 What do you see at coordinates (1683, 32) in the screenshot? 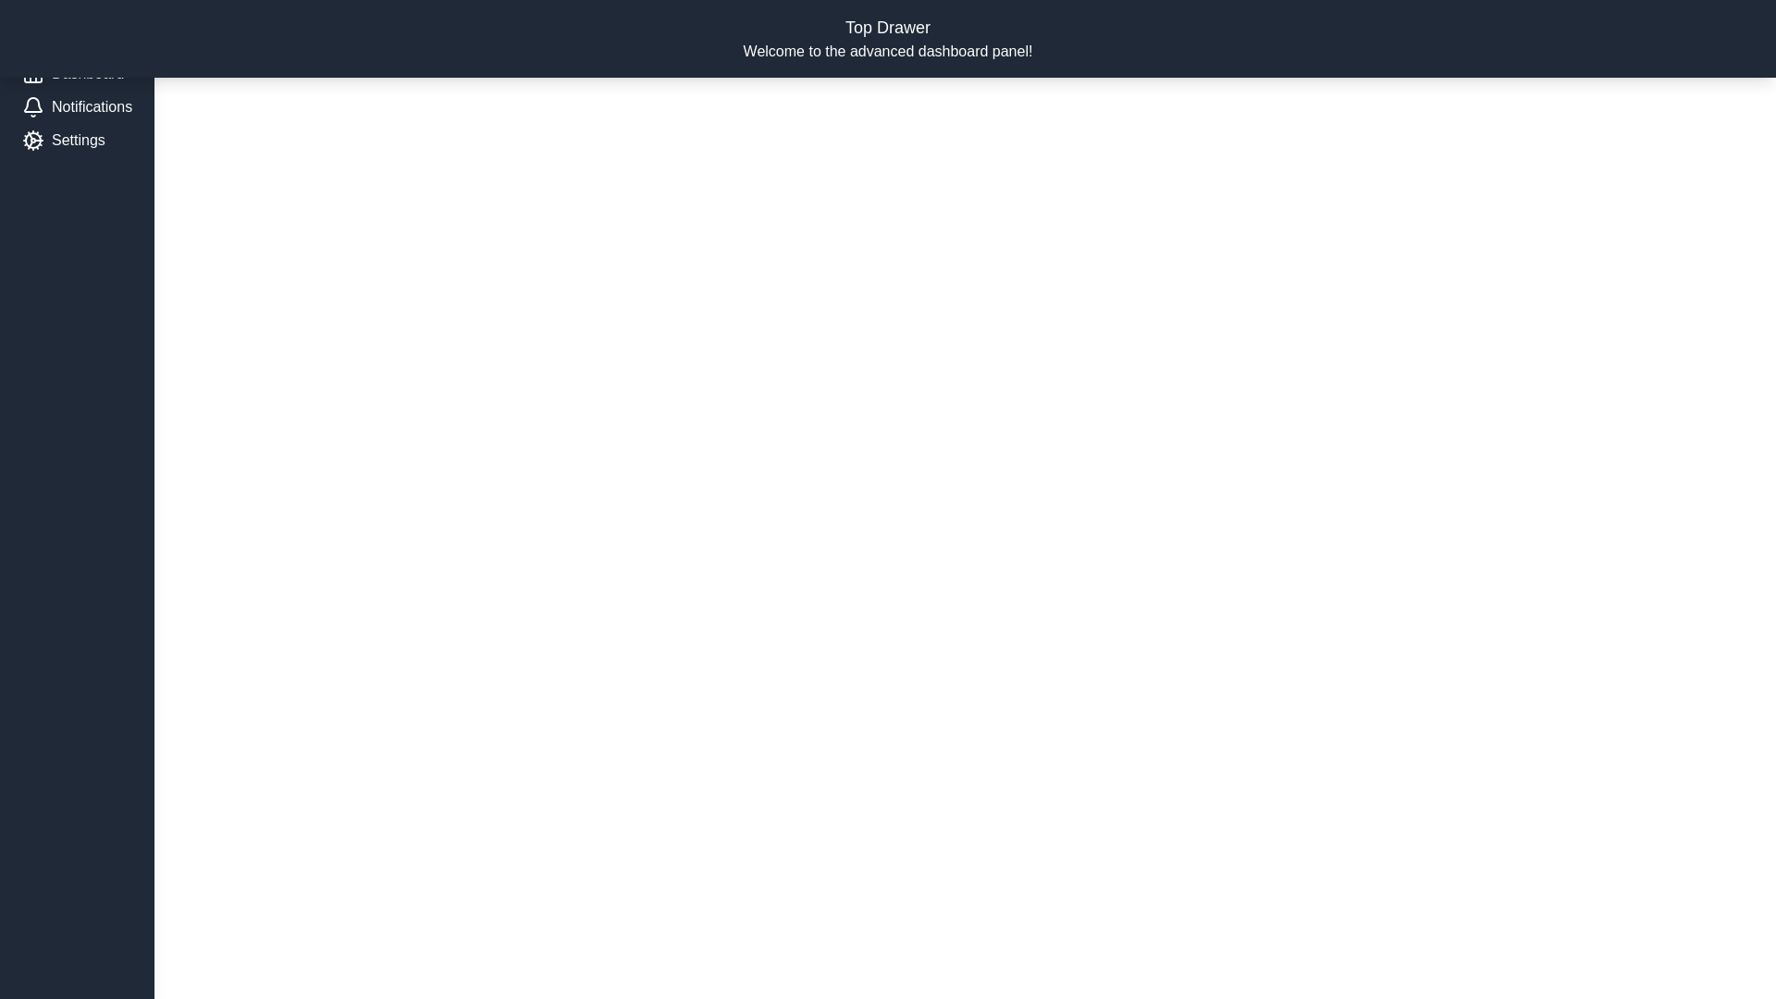
I see `'Toggle Top Drawer' button to toggle the top drawer's open/close state` at bounding box center [1683, 32].